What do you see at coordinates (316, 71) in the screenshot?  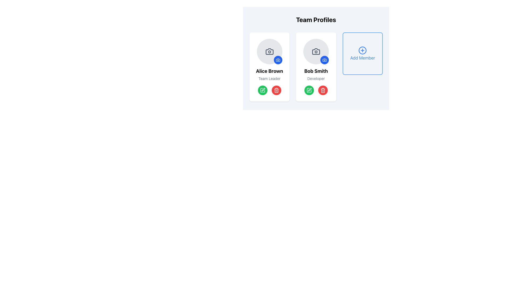 I see `the text label displaying the name 'Bob Smith', which is located within the profile card under the circular avatar and above the role title 'Developer'` at bounding box center [316, 71].